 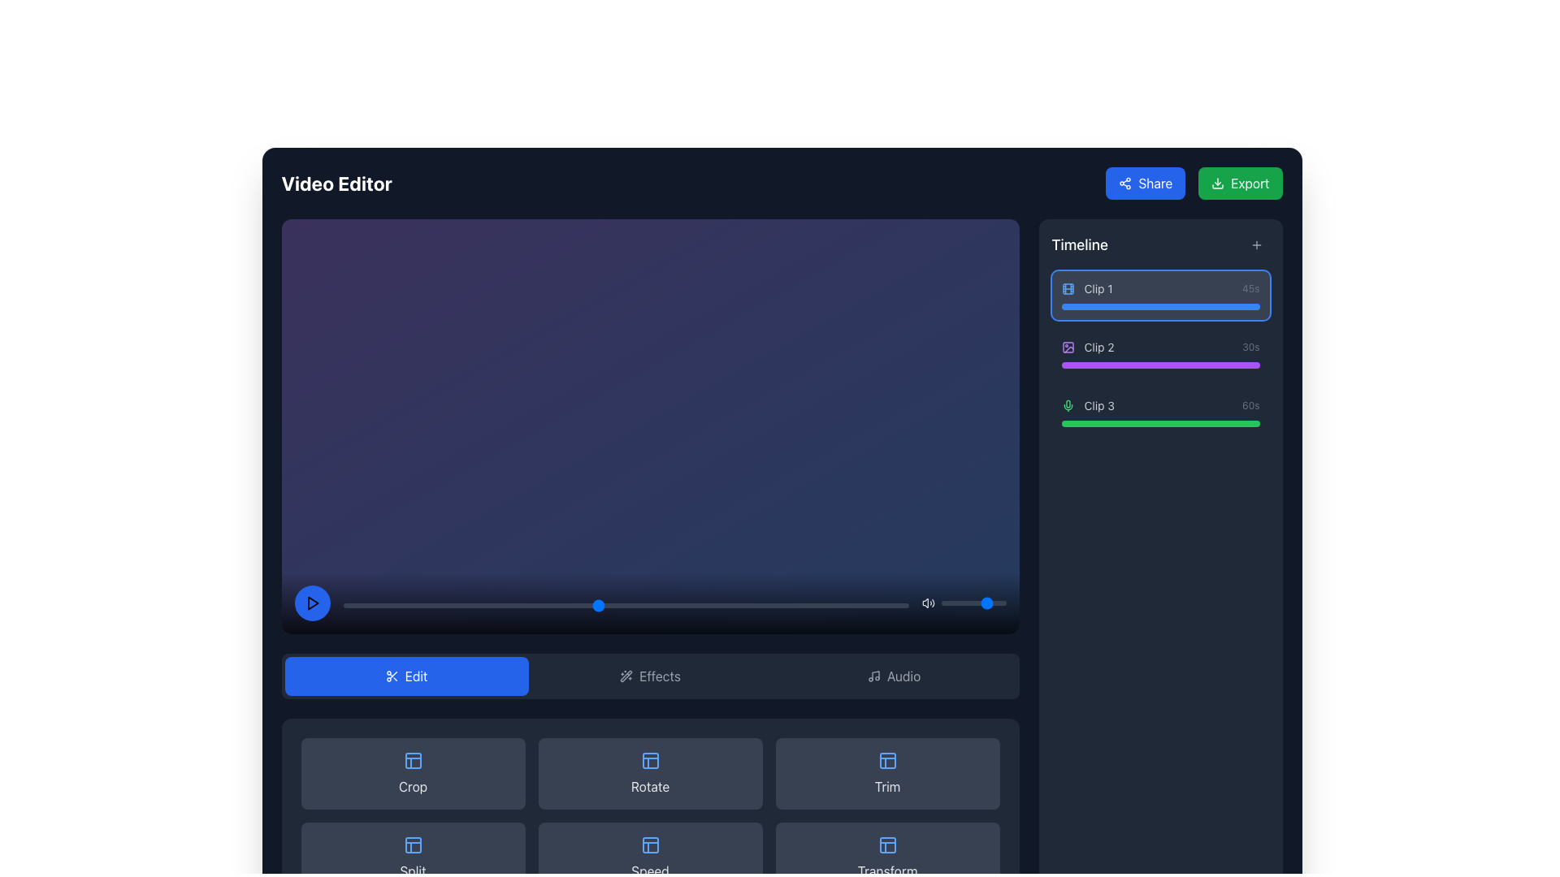 I want to click on the second timeline entry item, which represents a video clip, so click(x=1159, y=347).